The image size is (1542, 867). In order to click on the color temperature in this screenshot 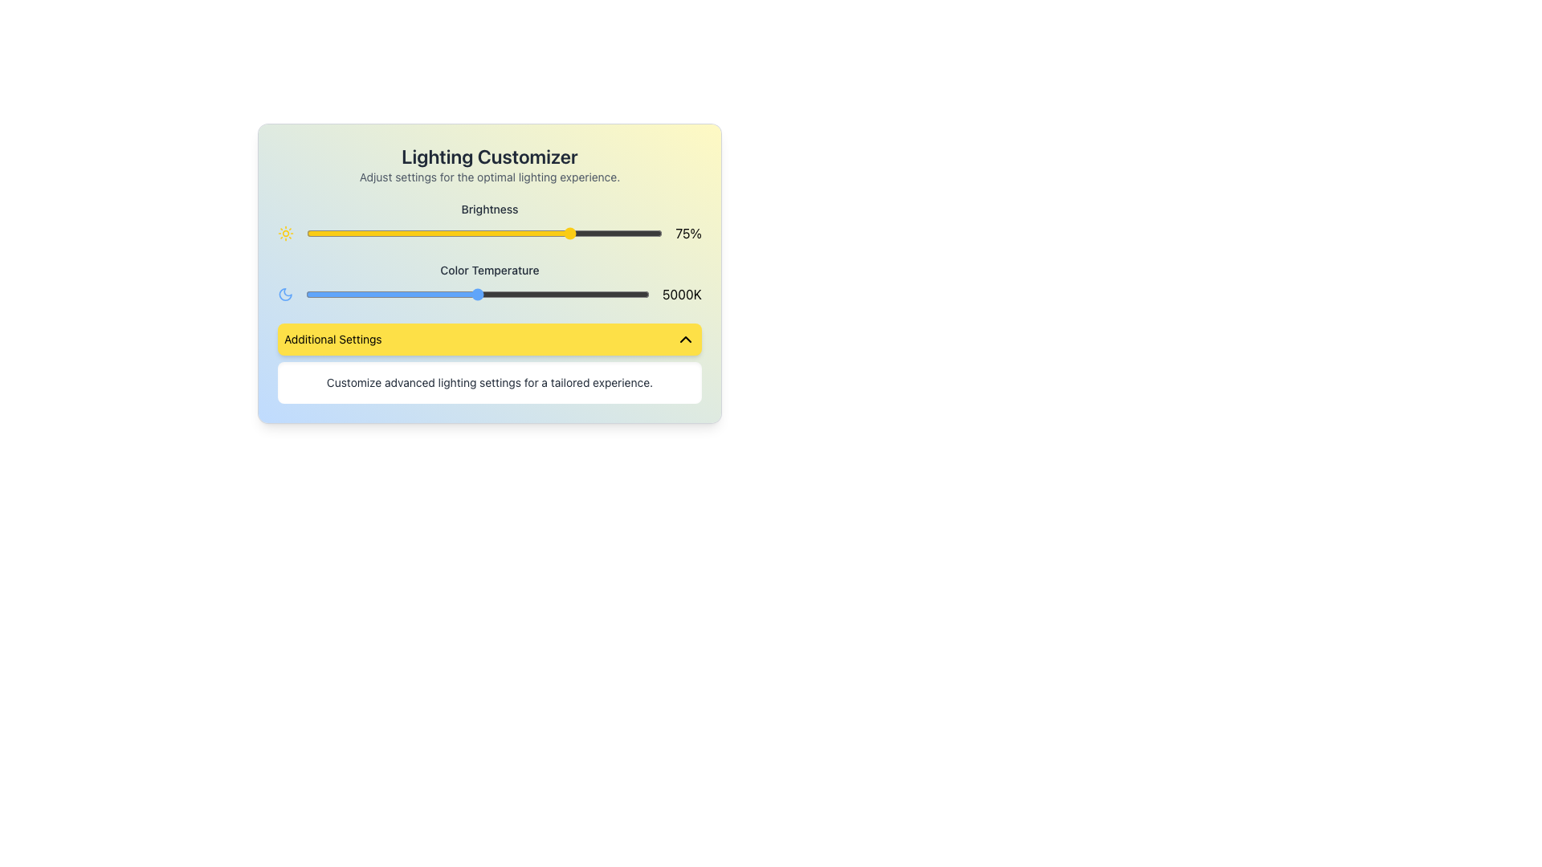, I will do `click(541, 294)`.